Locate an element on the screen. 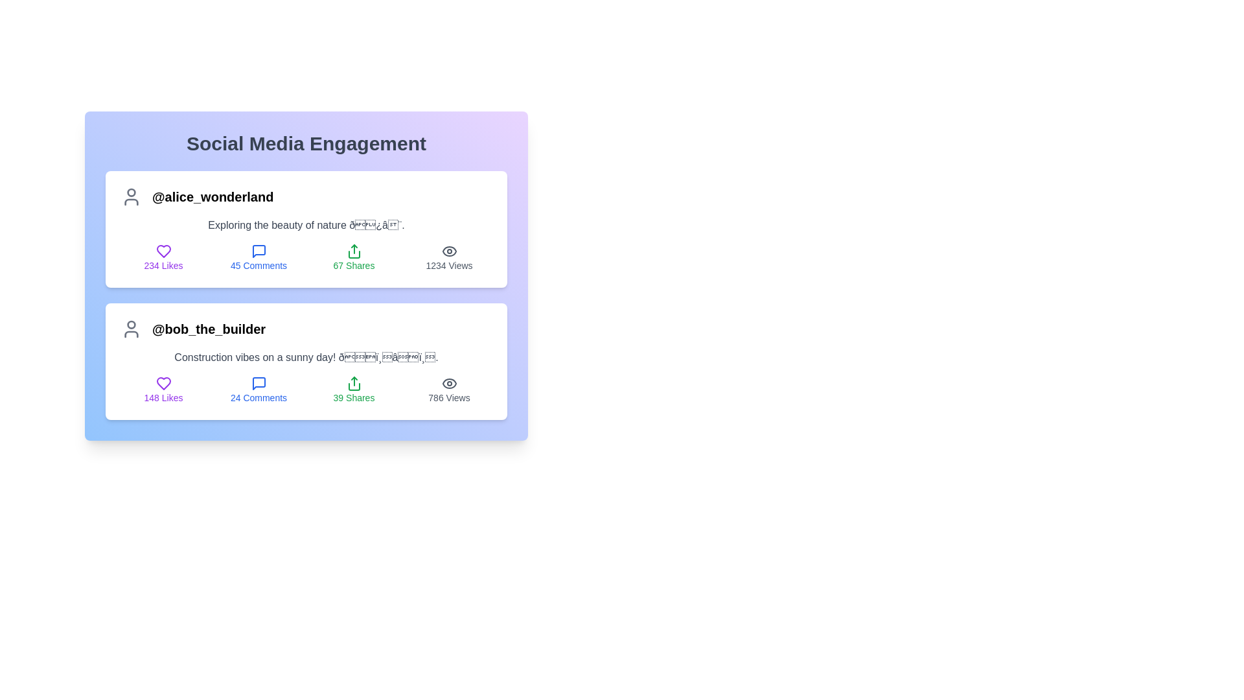 Image resolution: width=1244 pixels, height=700 pixels. the '67 Shares' button to initiate a share action for the associated content is located at coordinates (354, 257).